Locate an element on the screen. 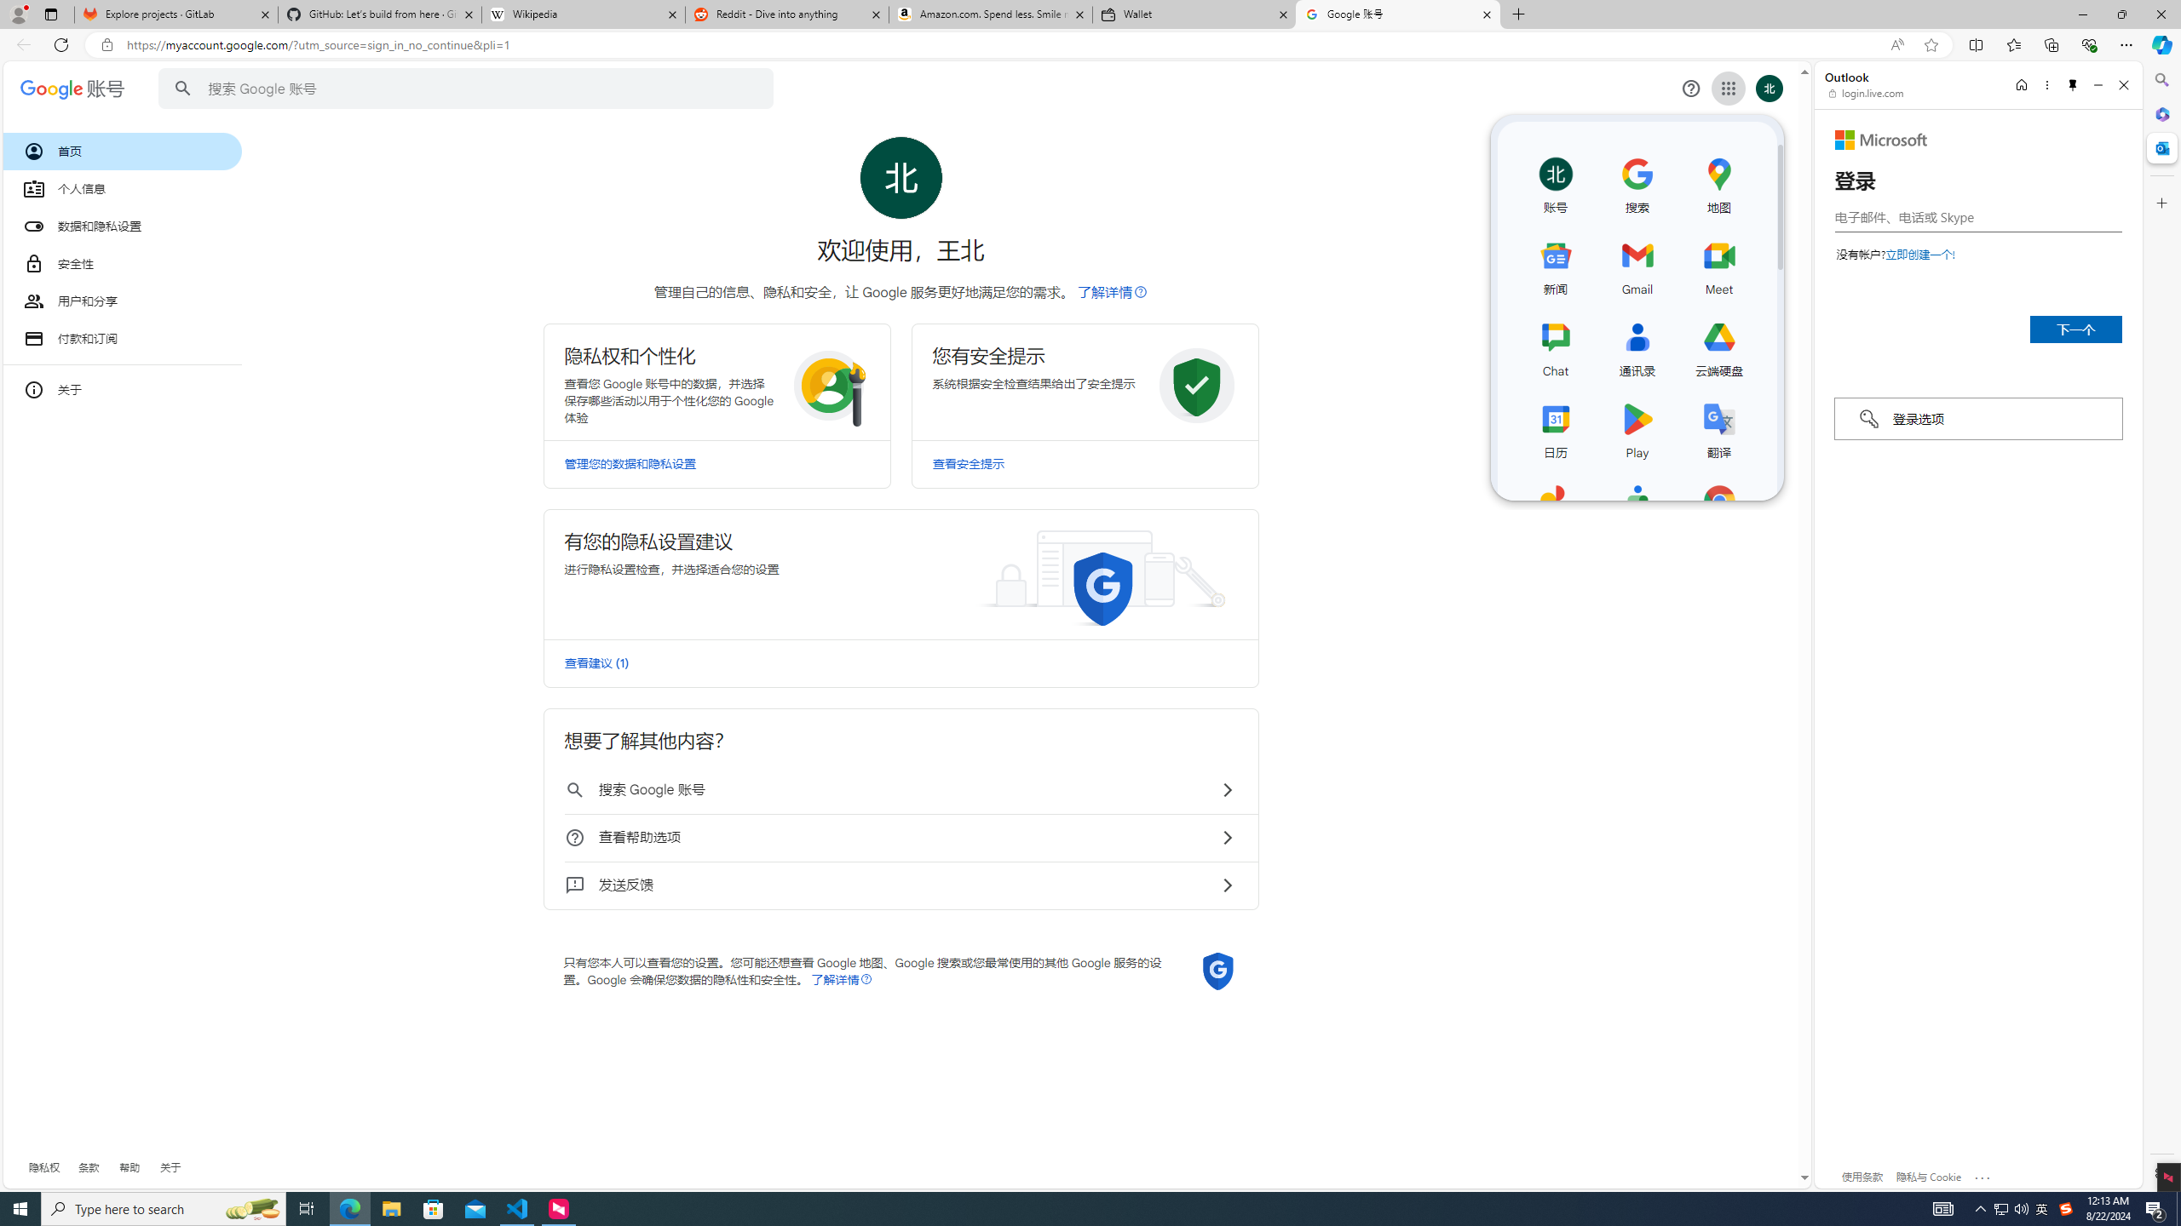 The image size is (2181, 1226). 'login.live.com' is located at coordinates (1866, 92).